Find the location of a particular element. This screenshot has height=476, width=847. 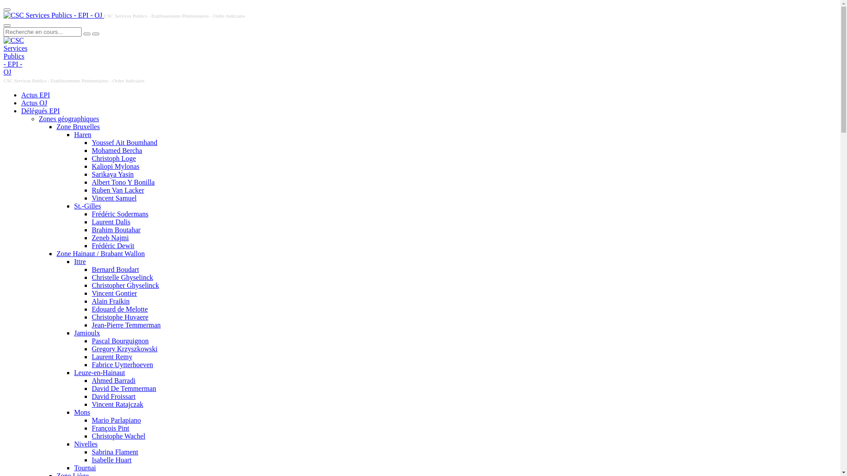

'Jean-Pierre Temmerman' is located at coordinates (126, 325).